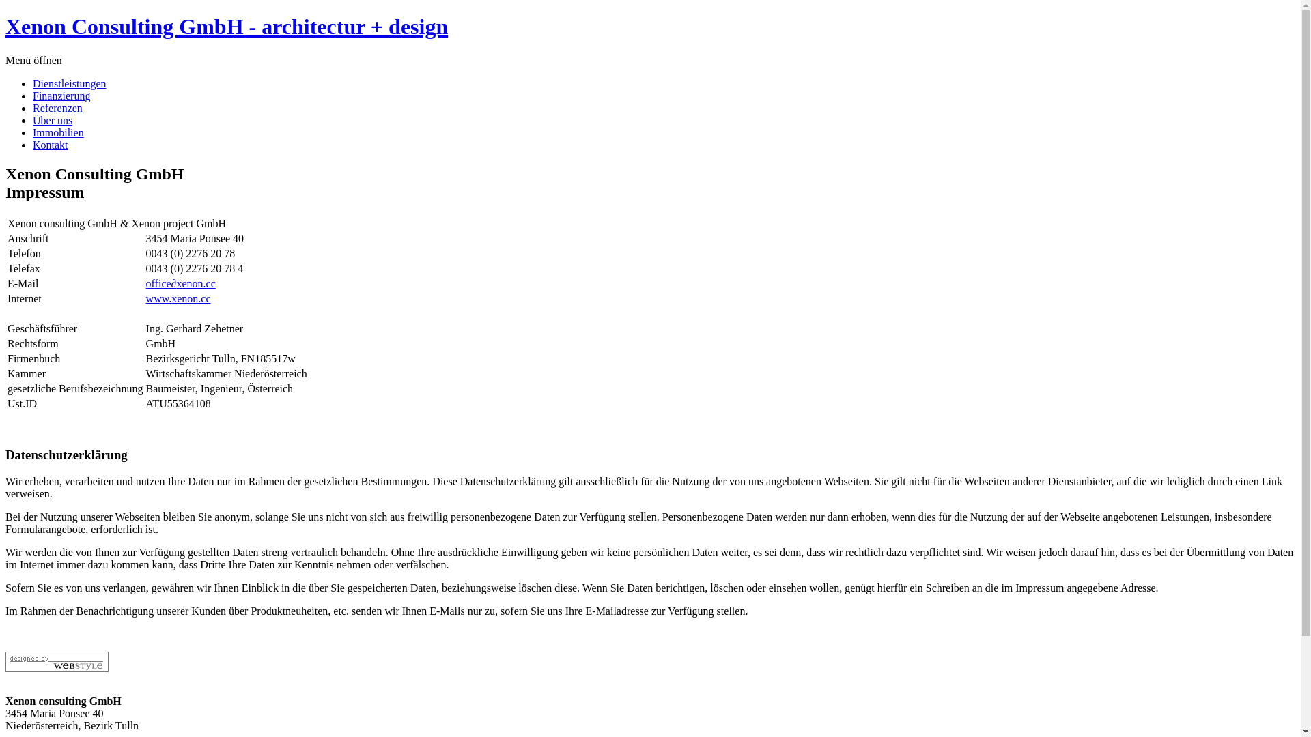 The height and width of the screenshot is (737, 1311). Describe the element at coordinates (178, 298) in the screenshot. I see `'www.xenon.cc'` at that location.